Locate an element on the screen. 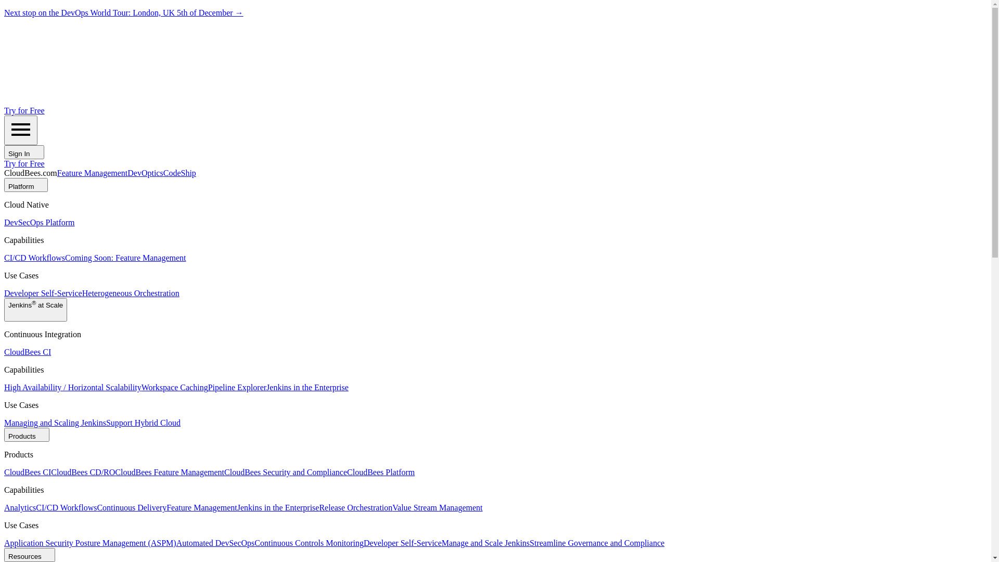 The width and height of the screenshot is (999, 562). 'Products' is located at coordinates (27, 435).